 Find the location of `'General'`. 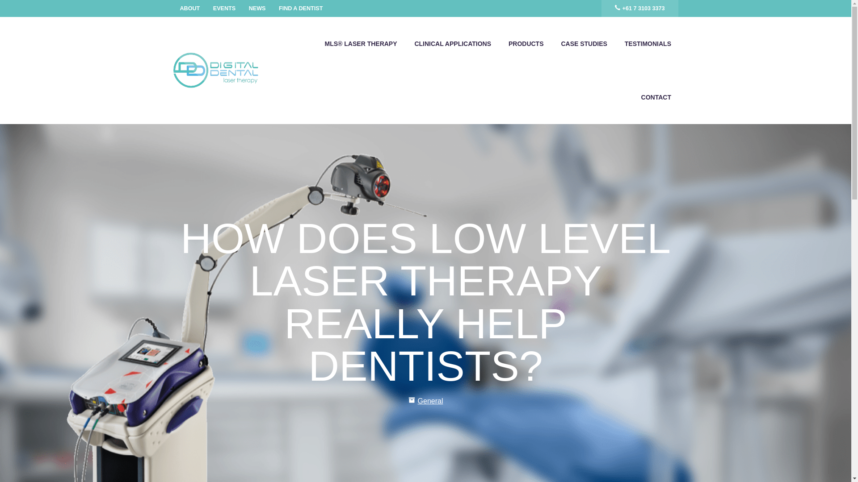

'General' is located at coordinates (430, 400).